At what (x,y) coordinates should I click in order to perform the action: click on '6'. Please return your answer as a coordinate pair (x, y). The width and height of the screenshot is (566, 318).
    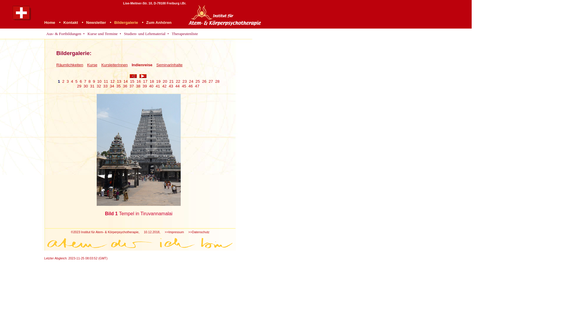
    Looking at the image, I should click on (79, 81).